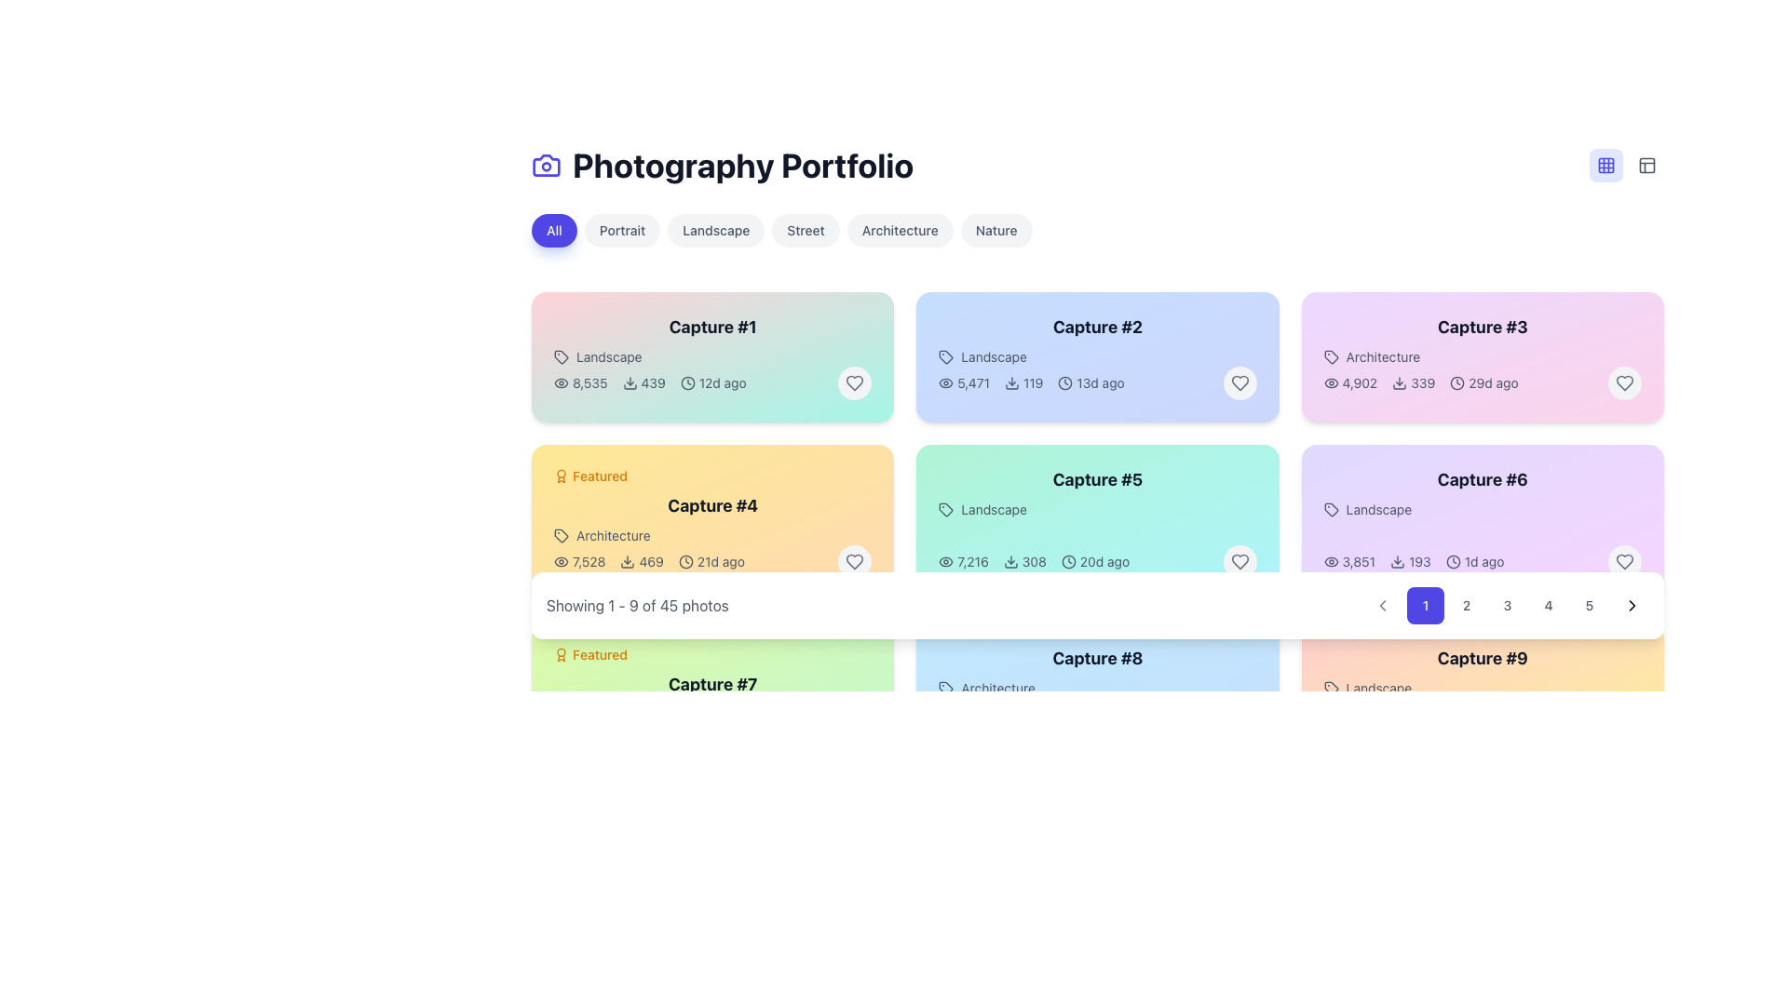  Describe the element at coordinates (711, 382) in the screenshot. I see `text displayed in the metadata section of 'Capture #1', located towards the right end of the top-left card in the gallery grid` at that location.